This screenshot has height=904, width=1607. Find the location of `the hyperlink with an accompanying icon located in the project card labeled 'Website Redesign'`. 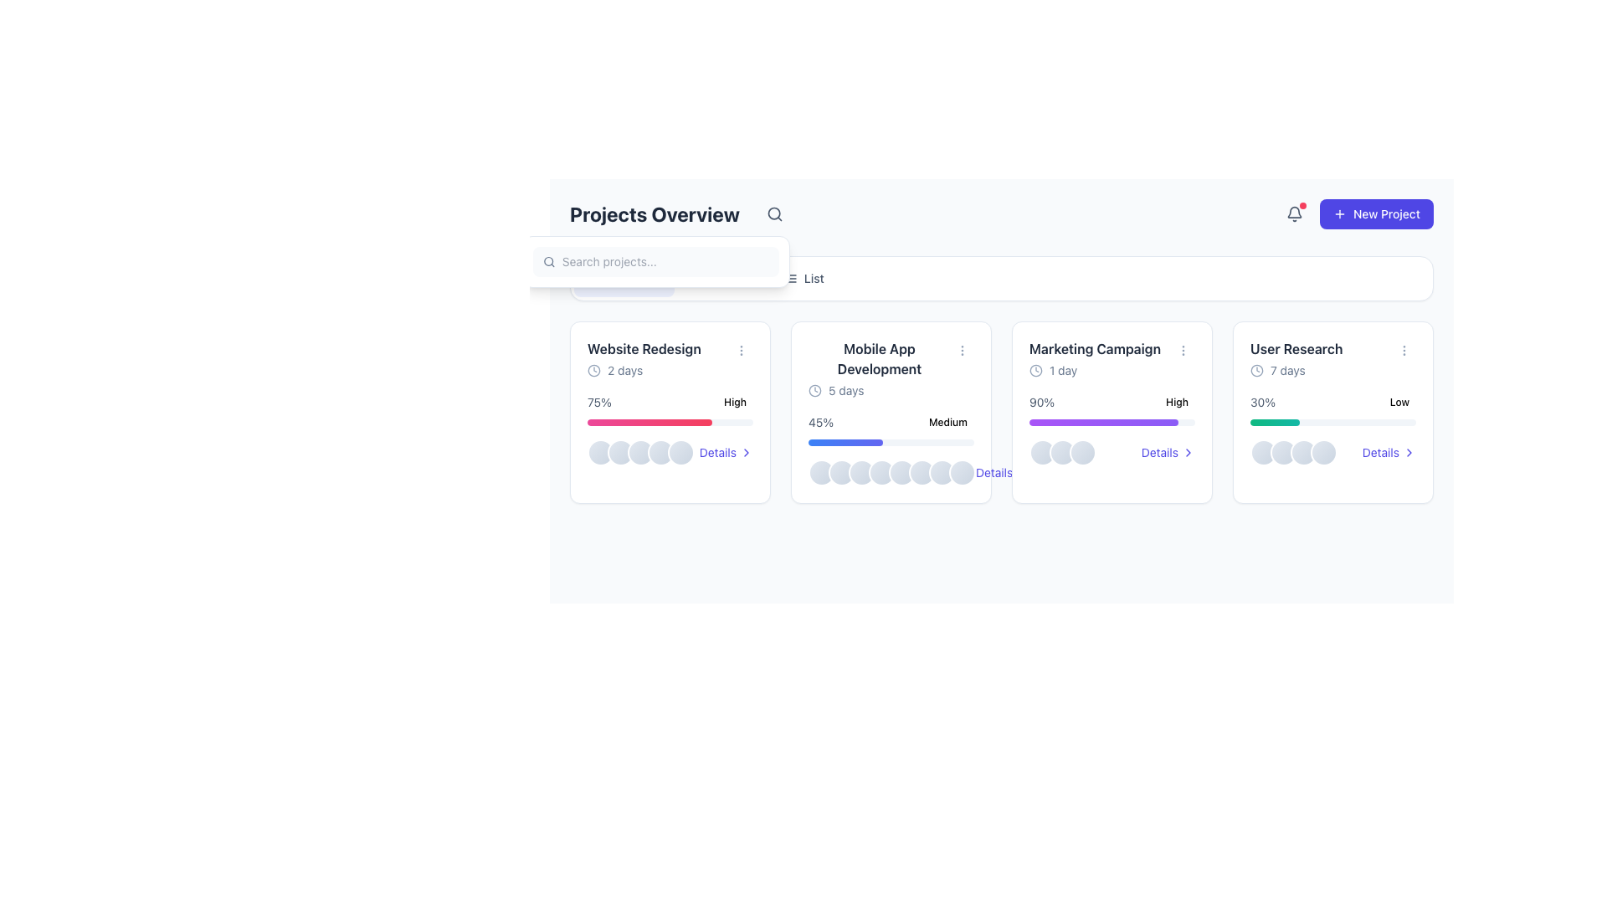

the hyperlink with an accompanying icon located in the project card labeled 'Website Redesign' is located at coordinates (726, 452).